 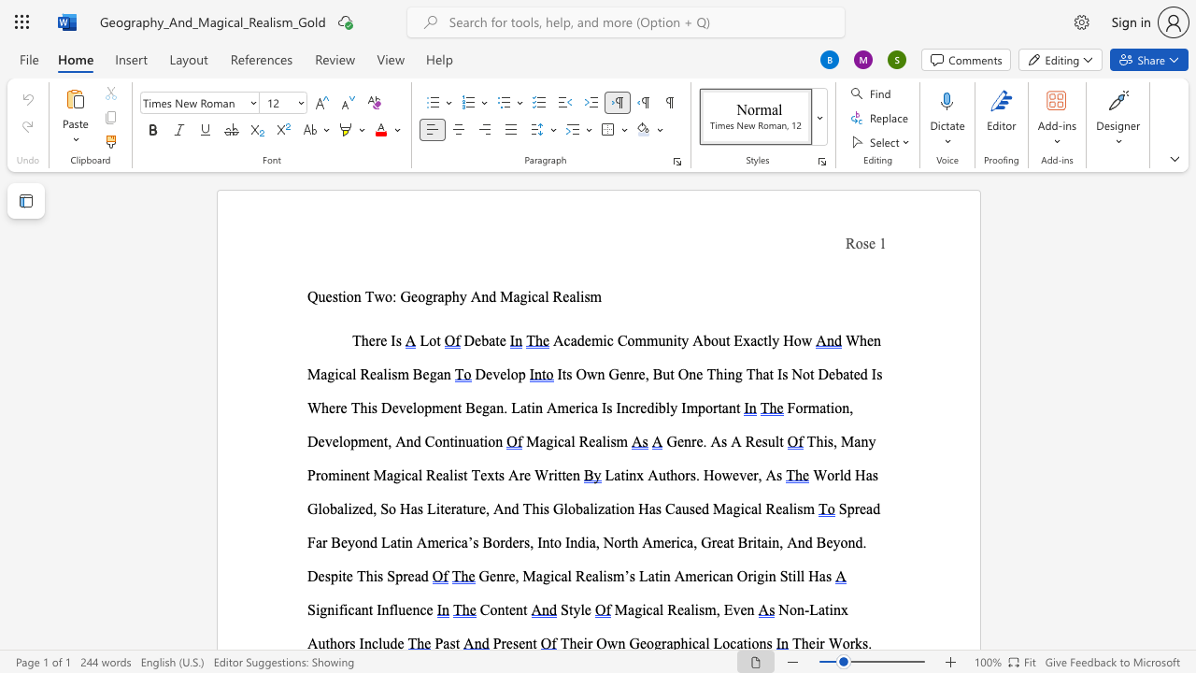 What do you see at coordinates (445, 474) in the screenshot?
I see `the 4th character "a" in the text` at bounding box center [445, 474].